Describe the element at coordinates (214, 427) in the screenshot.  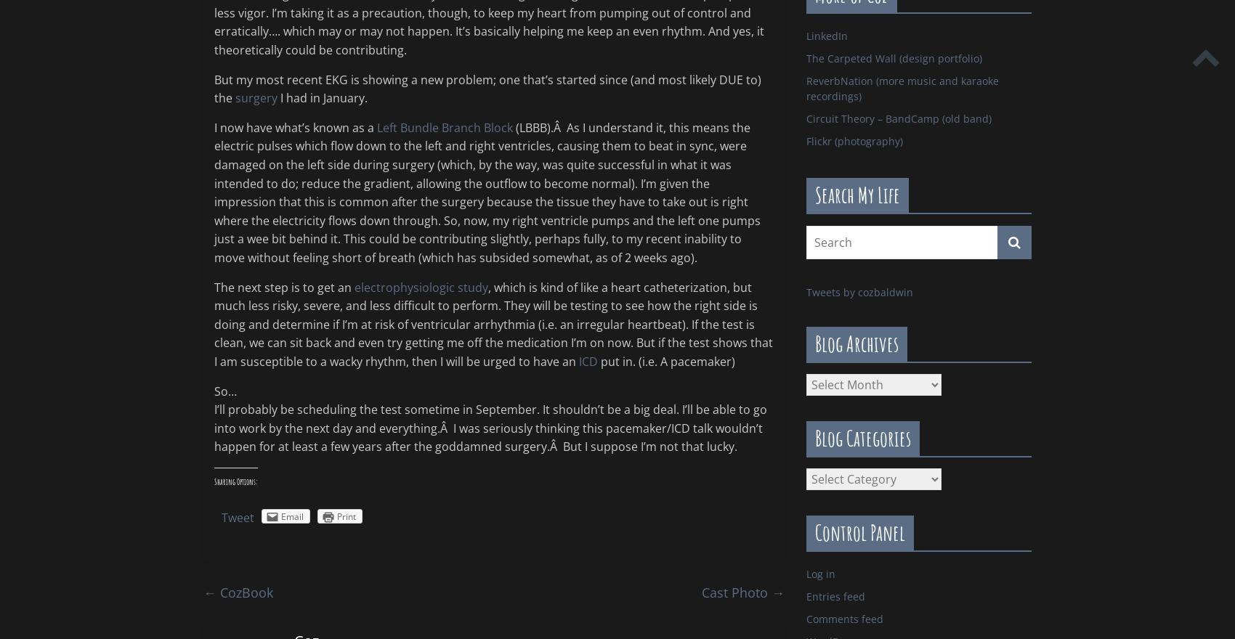
I see `'I’ll probably be scheduling the test sometime in September.  It shouldn’t be a big deal.  I’ll be able to go into work by the next day and everything.Â  I was seriously thinking this pacemaker/ICD talk wouldn’t happen for at least a few years after the goddamned surgery.Â  But I suppose I’m not that lucky.'` at that location.